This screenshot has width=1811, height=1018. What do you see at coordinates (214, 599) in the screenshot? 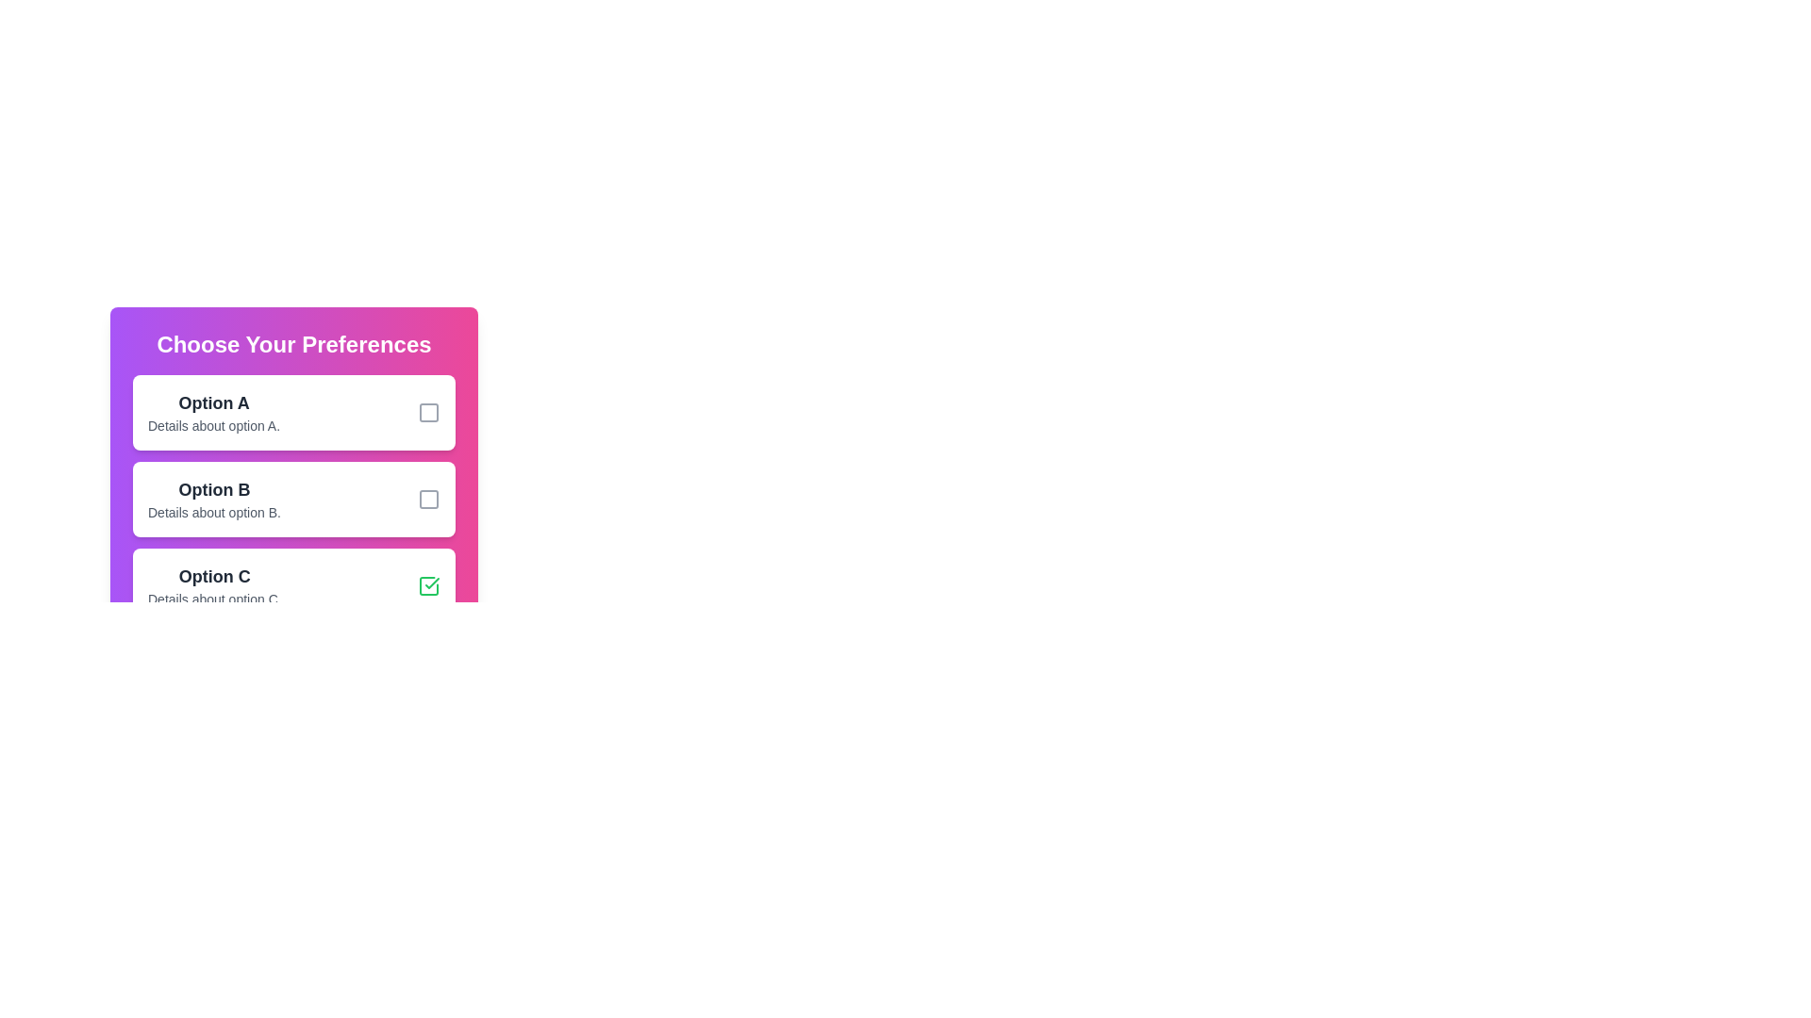
I see `the Text Label that provides additional information for 'Option C', located below 'Option C' in the vertically stacked list of options` at bounding box center [214, 599].